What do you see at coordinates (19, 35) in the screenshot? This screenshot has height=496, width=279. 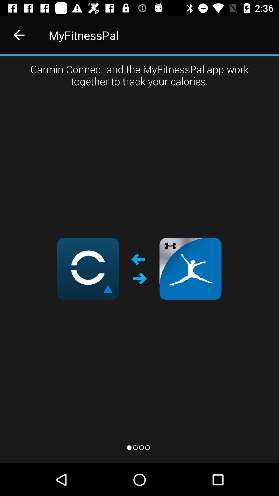 I see `icon to the left of myfitnesspal` at bounding box center [19, 35].